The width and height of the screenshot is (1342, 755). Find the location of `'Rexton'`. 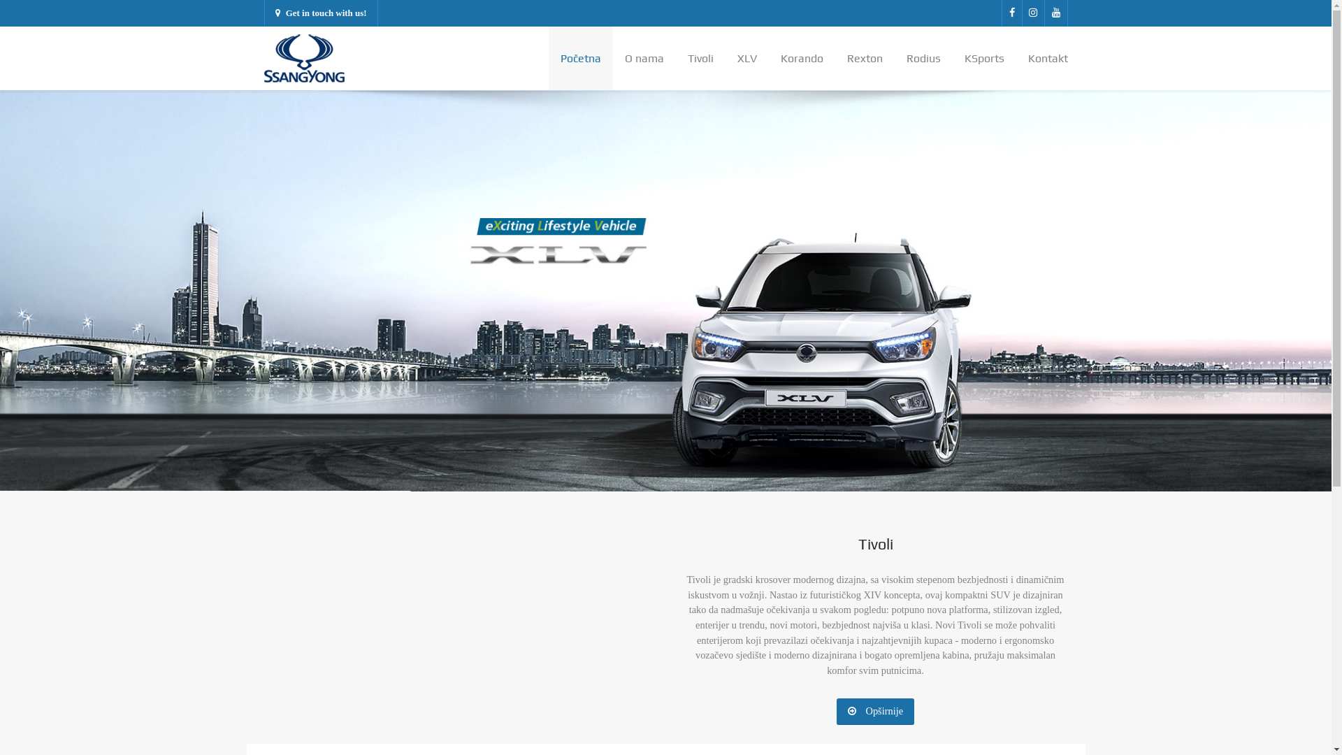

'Rexton' is located at coordinates (835, 57).